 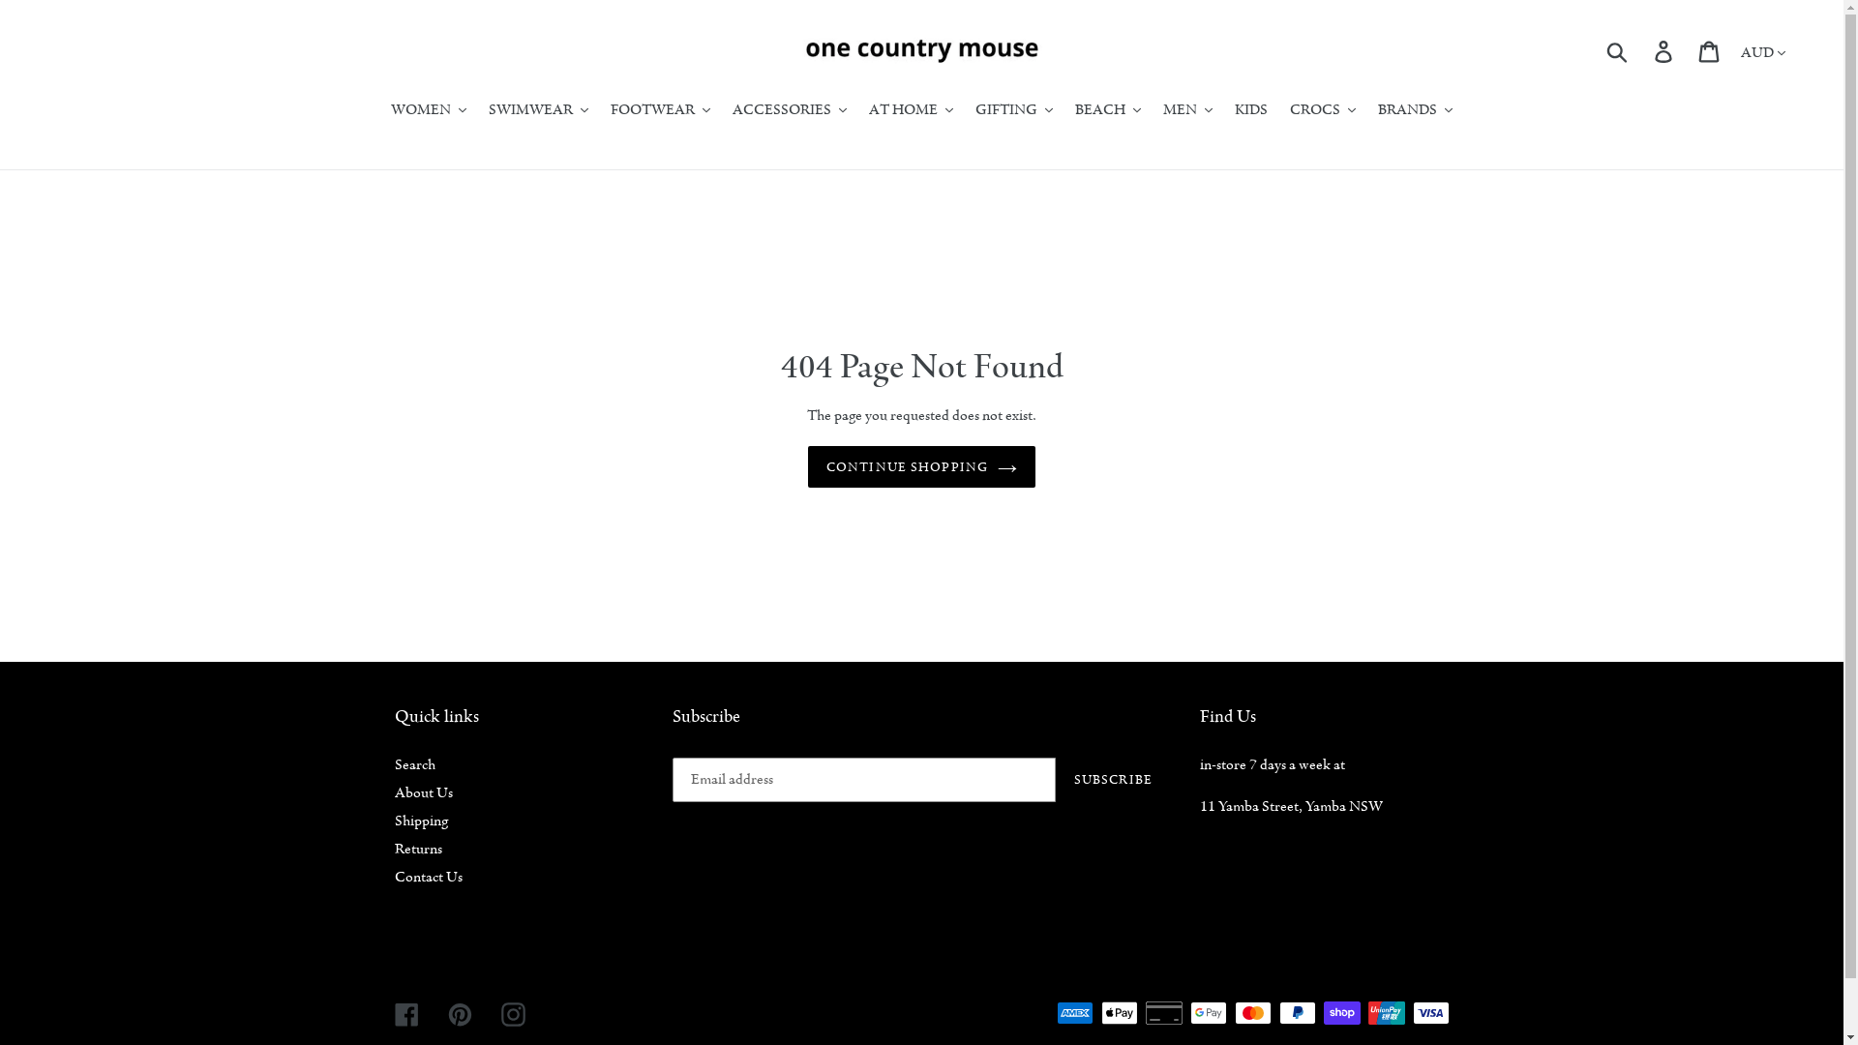 What do you see at coordinates (405, 1011) in the screenshot?
I see `'Facebook'` at bounding box center [405, 1011].